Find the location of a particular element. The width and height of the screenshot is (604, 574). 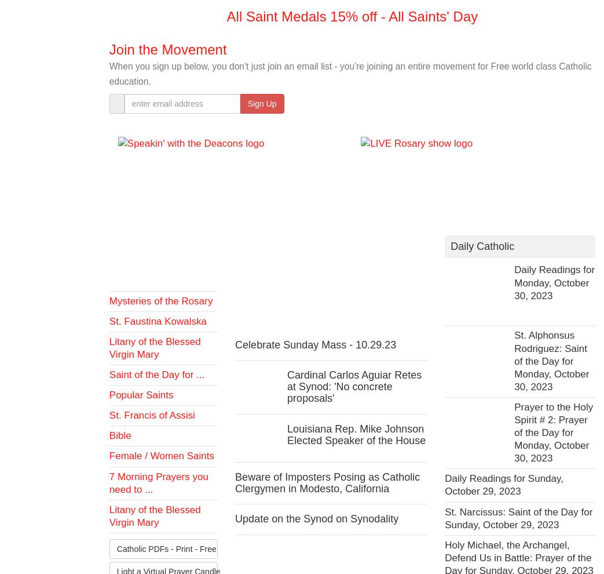

'St. Francis of Assisi' is located at coordinates (152, 415).